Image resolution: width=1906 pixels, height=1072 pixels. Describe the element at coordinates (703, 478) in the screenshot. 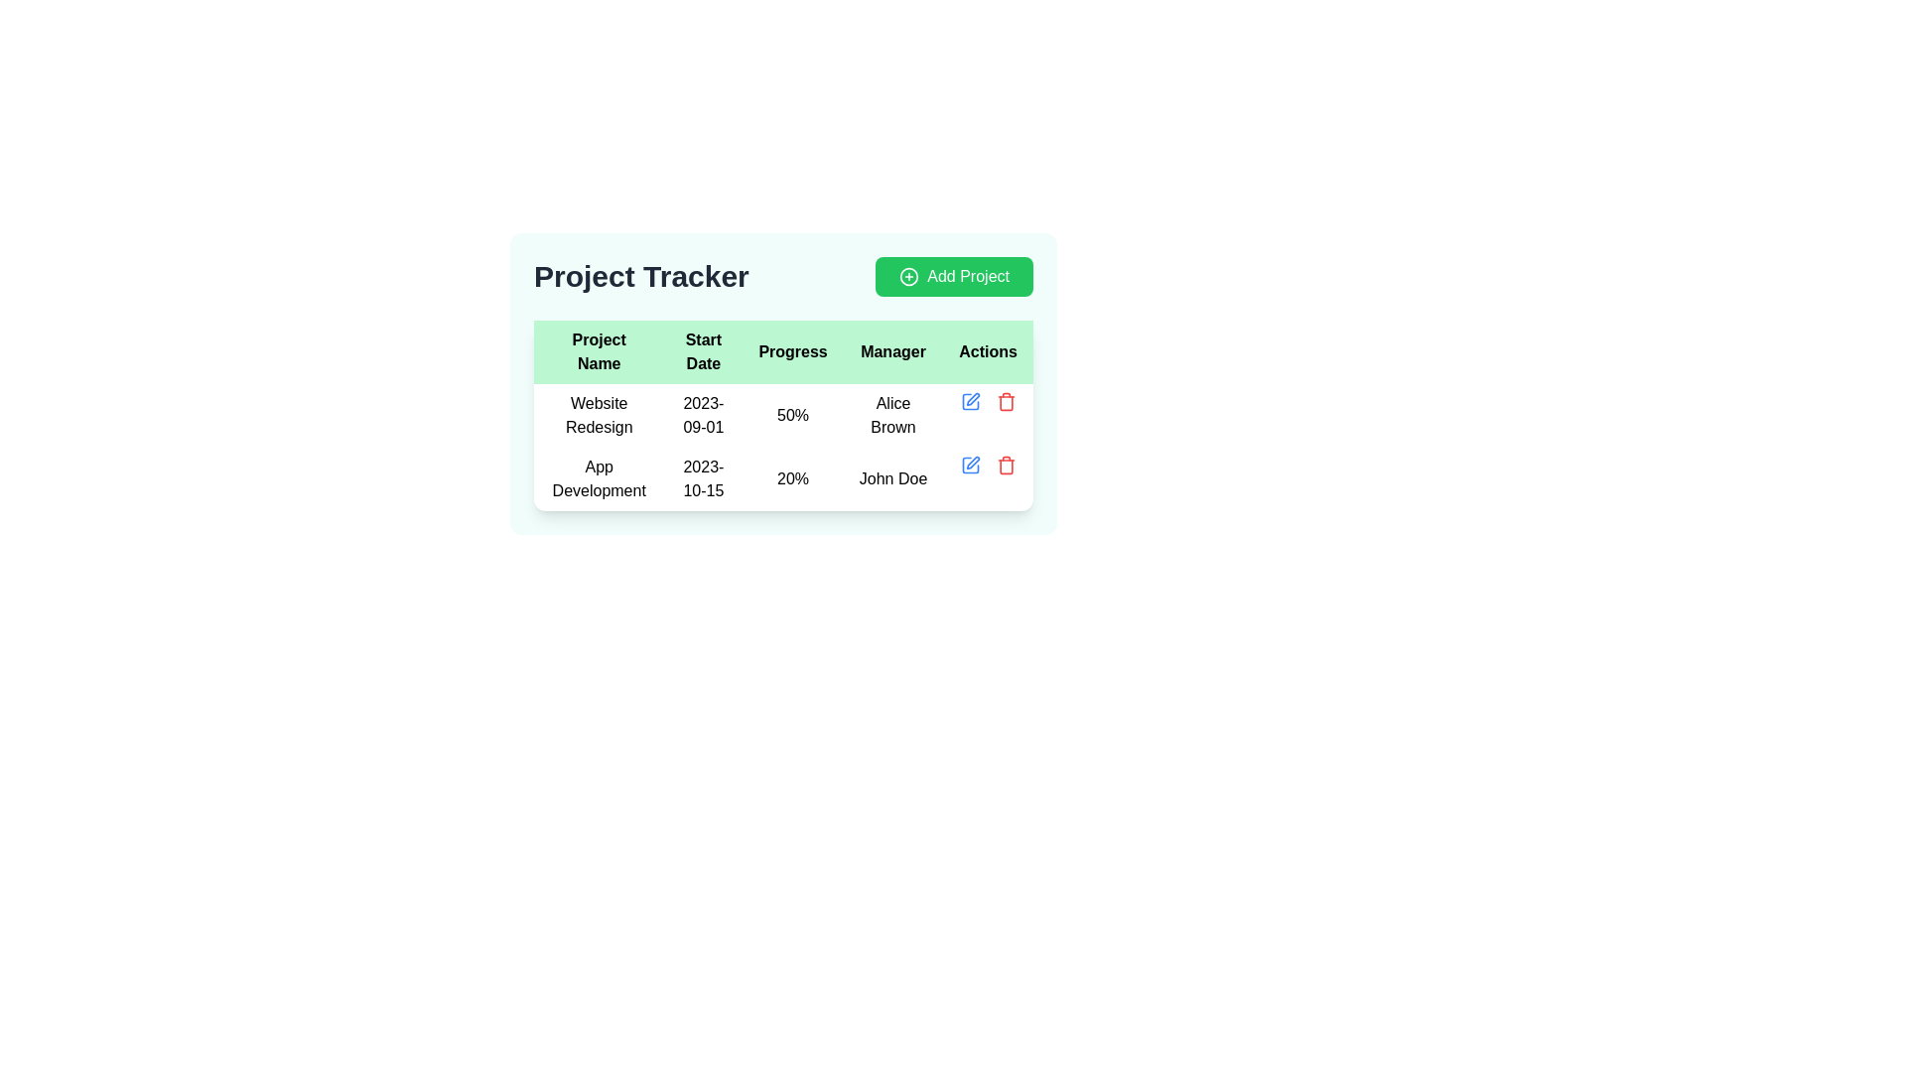

I see `the Label displaying the date '2023-10-15', which is a rectangular text box part of a grid layout, positioned between 'App Development' and '20%'` at that location.